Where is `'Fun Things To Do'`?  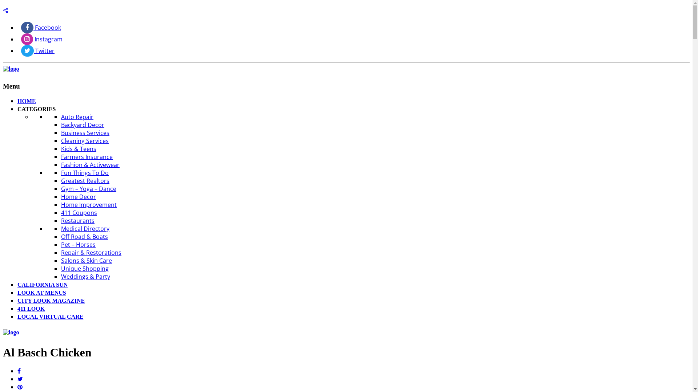
'Fun Things To Do' is located at coordinates (85, 172).